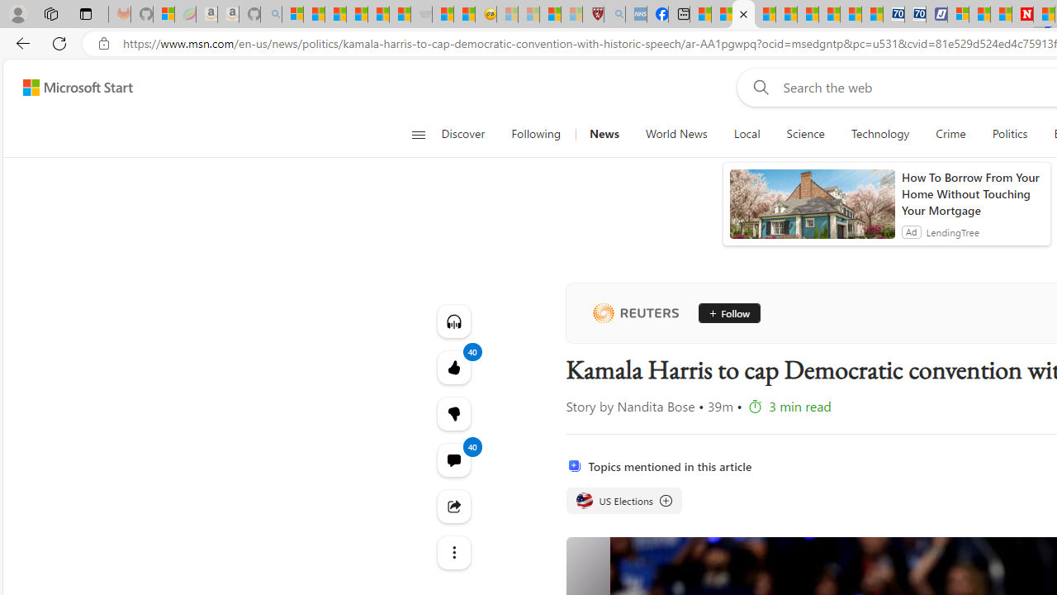  I want to click on 'Politics', so click(1009, 134).